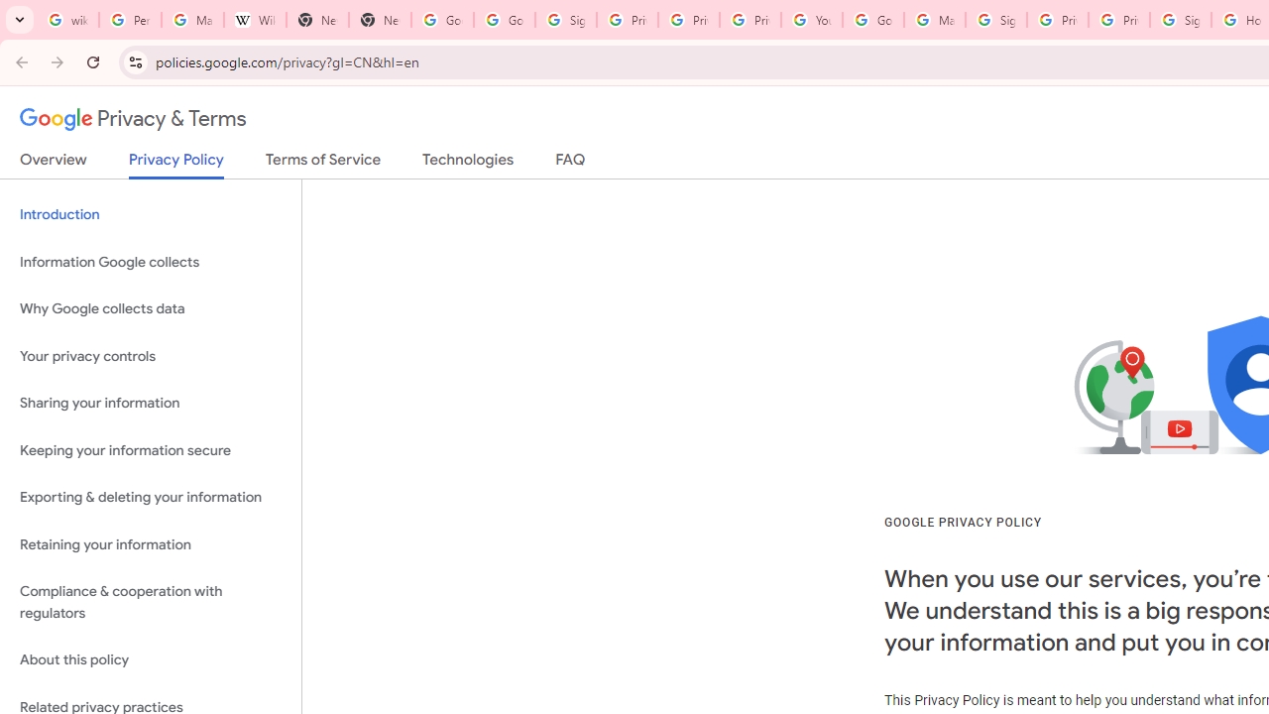 The width and height of the screenshot is (1269, 714). What do you see at coordinates (150, 450) in the screenshot?
I see `'Keeping your information secure'` at bounding box center [150, 450].